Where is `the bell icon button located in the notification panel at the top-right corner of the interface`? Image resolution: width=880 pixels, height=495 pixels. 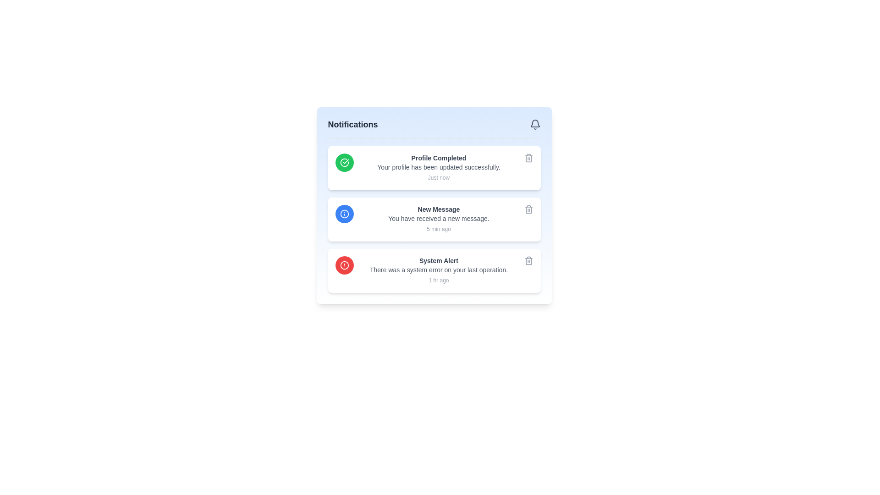 the bell icon button located in the notification panel at the top-right corner of the interface is located at coordinates (535, 123).